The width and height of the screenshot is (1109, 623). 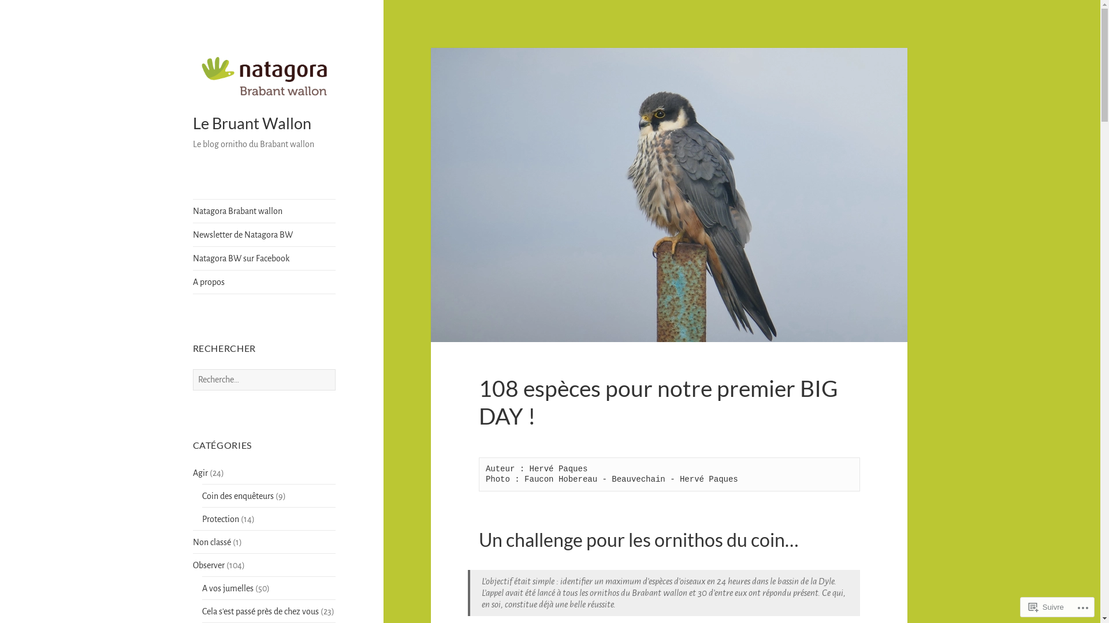 What do you see at coordinates (1046, 606) in the screenshot?
I see `'Suivre'` at bounding box center [1046, 606].